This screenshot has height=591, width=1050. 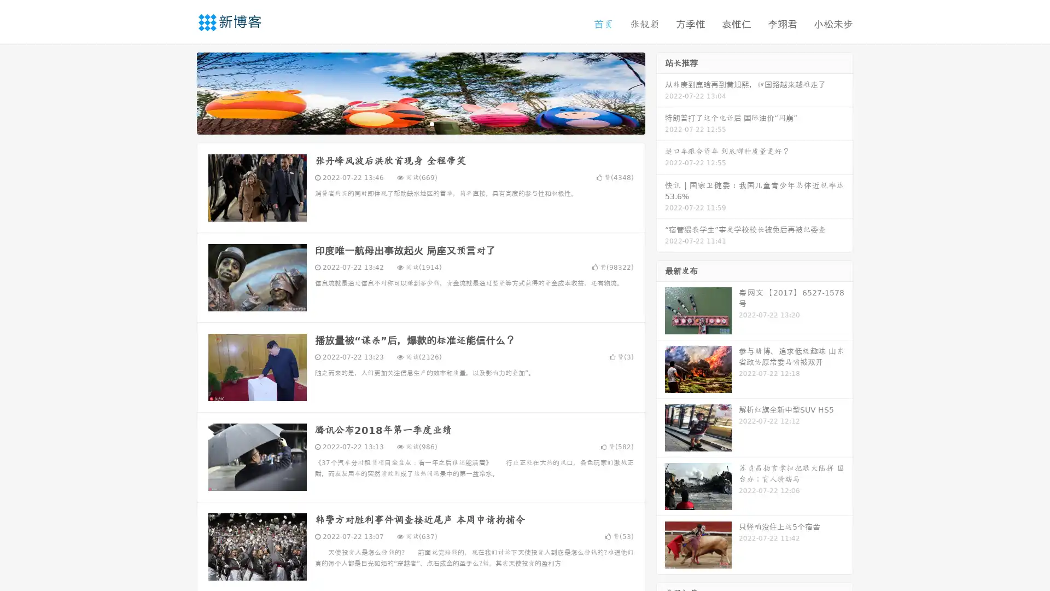 What do you see at coordinates (180, 92) in the screenshot?
I see `Previous slide` at bounding box center [180, 92].